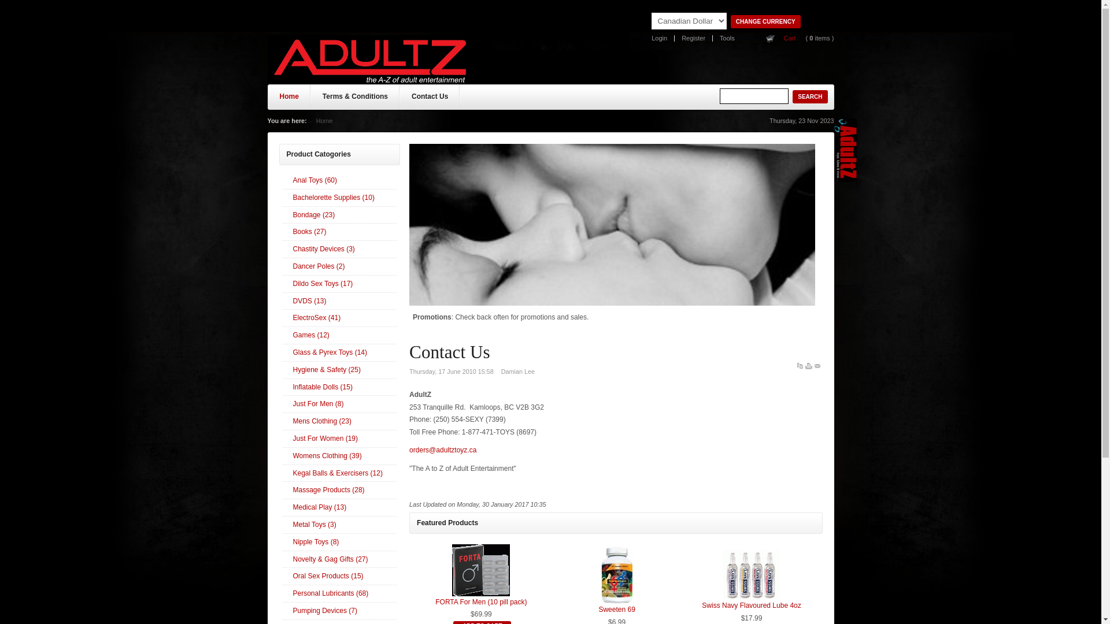 The image size is (1110, 624). What do you see at coordinates (789, 38) in the screenshot?
I see `'Cart'` at bounding box center [789, 38].